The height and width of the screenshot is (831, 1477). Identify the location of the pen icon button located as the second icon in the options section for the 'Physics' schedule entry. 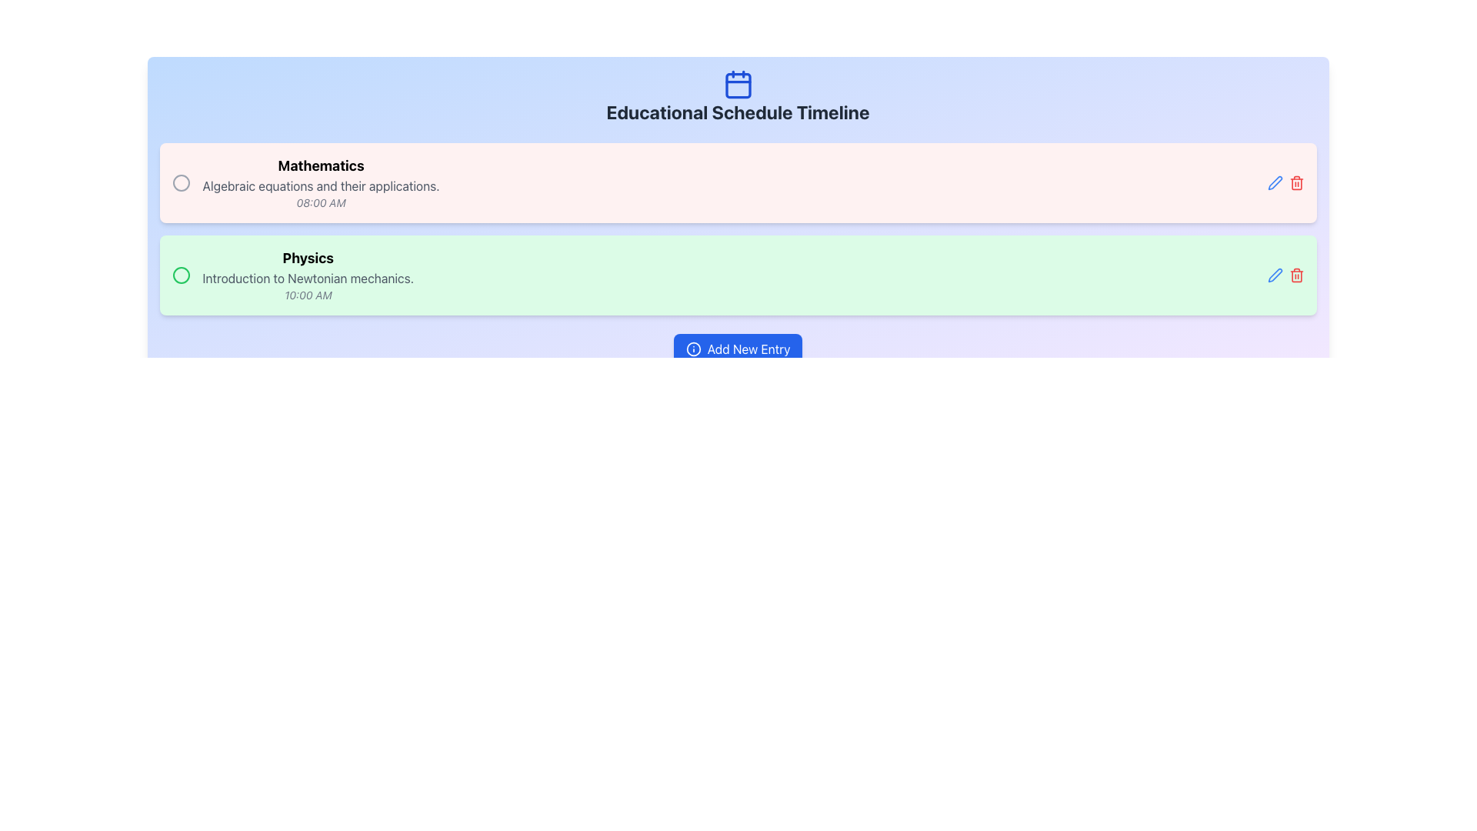
(1275, 275).